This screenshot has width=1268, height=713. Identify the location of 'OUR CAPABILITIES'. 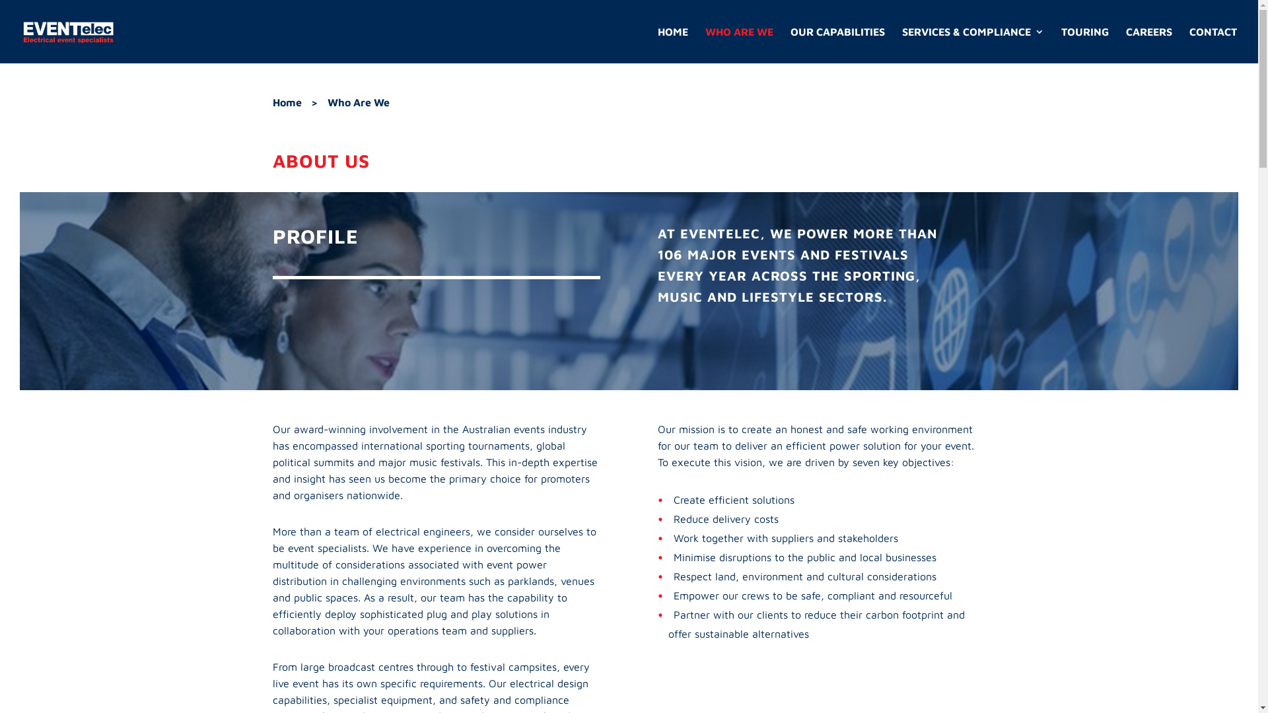
(837, 44).